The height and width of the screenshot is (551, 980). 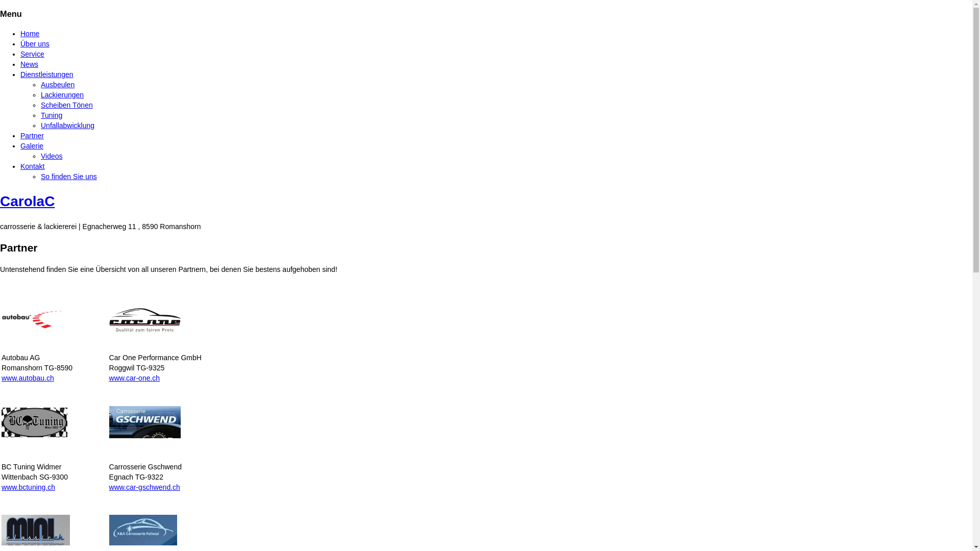 What do you see at coordinates (2, 378) in the screenshot?
I see `'www.autobau.ch'` at bounding box center [2, 378].